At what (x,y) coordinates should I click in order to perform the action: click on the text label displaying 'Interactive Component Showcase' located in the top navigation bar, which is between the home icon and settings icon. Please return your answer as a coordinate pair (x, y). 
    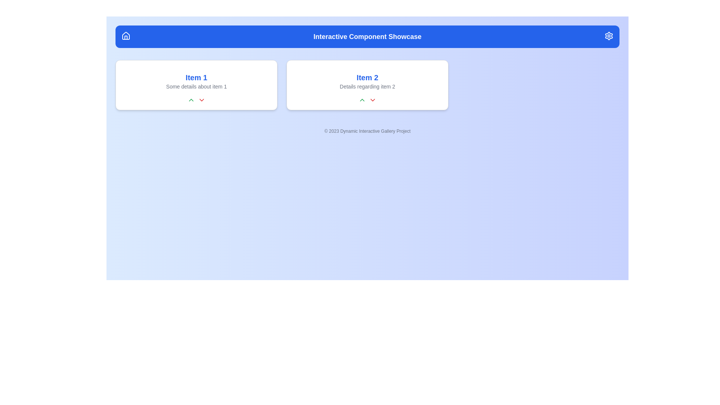
    Looking at the image, I should click on (367, 36).